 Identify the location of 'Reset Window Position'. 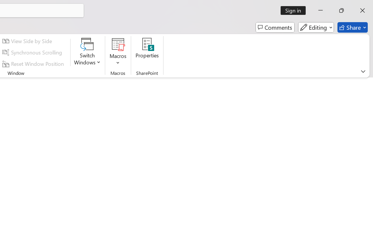
(34, 63).